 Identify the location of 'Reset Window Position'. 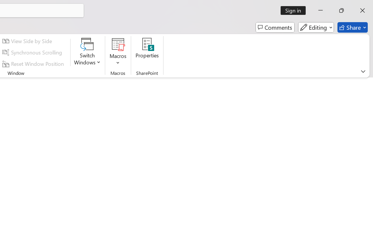
(34, 63).